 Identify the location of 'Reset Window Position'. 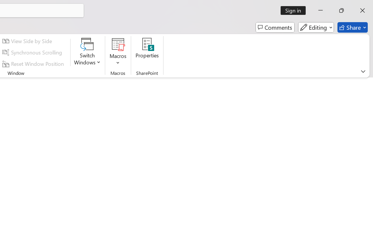
(34, 63).